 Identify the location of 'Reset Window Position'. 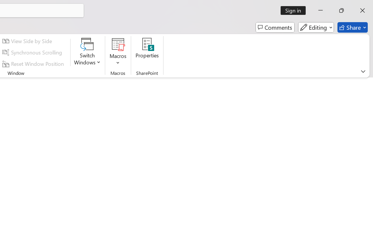
(34, 63).